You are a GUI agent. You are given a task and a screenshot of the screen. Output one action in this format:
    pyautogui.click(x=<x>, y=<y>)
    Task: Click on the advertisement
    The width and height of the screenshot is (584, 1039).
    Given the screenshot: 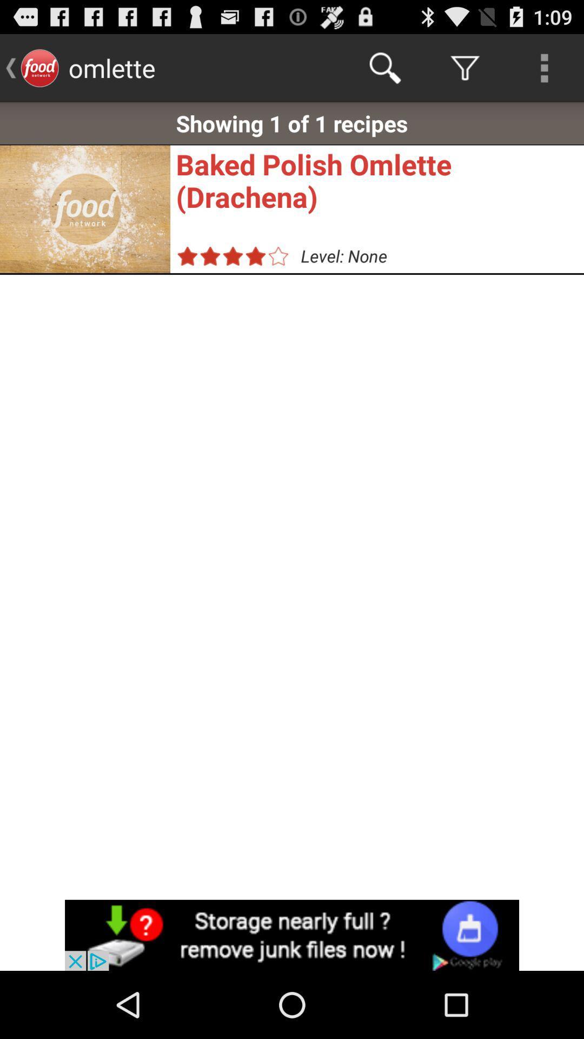 What is the action you would take?
    pyautogui.click(x=292, y=935)
    